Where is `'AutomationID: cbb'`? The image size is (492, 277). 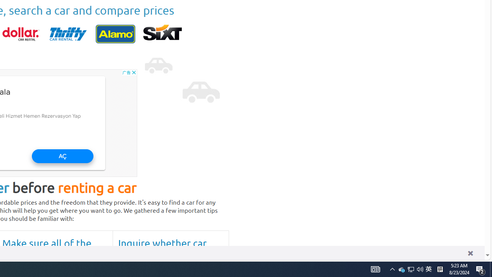 'AutomationID: cbb' is located at coordinates (134, 72).